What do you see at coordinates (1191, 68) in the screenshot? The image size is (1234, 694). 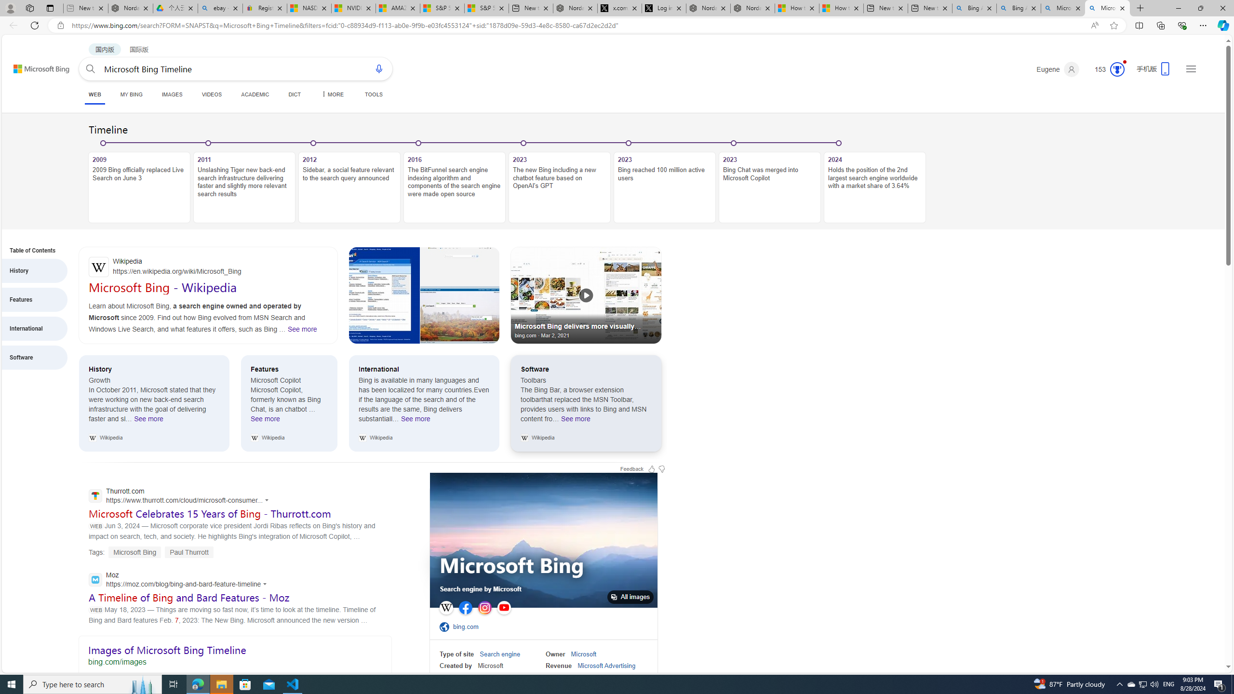 I see `'Settings and quick links'` at bounding box center [1191, 68].